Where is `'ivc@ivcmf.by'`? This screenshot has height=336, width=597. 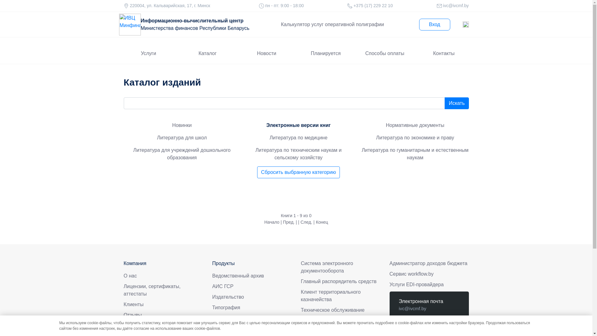 'ivc@ivcmf.by' is located at coordinates (455, 6).